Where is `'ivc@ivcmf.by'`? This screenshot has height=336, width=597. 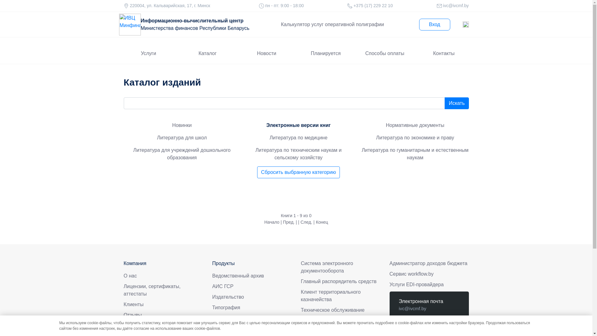 'ivc@ivcmf.by' is located at coordinates (455, 6).